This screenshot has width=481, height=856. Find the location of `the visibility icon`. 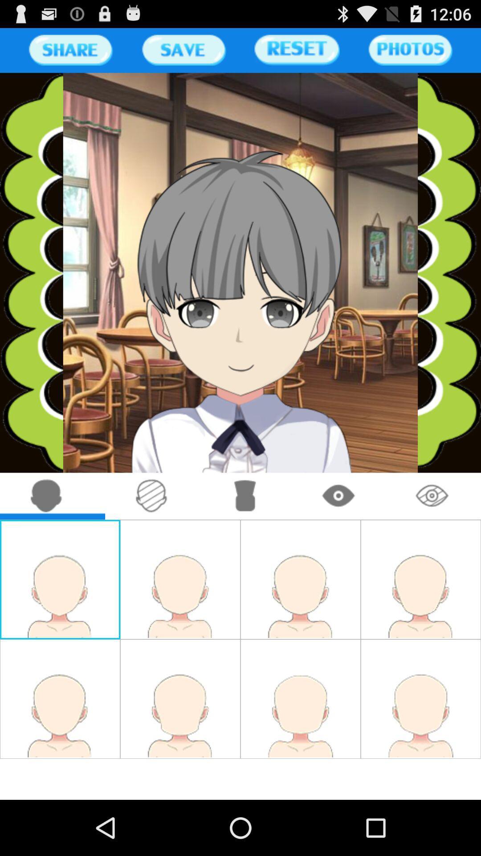

the visibility icon is located at coordinates (339, 531).